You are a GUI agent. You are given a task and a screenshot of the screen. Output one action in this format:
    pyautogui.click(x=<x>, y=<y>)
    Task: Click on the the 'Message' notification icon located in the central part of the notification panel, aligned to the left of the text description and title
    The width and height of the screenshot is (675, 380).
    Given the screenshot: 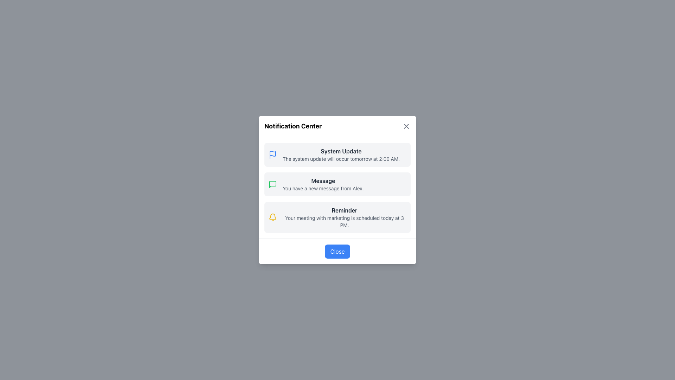 What is the action you would take?
    pyautogui.click(x=272, y=184)
    